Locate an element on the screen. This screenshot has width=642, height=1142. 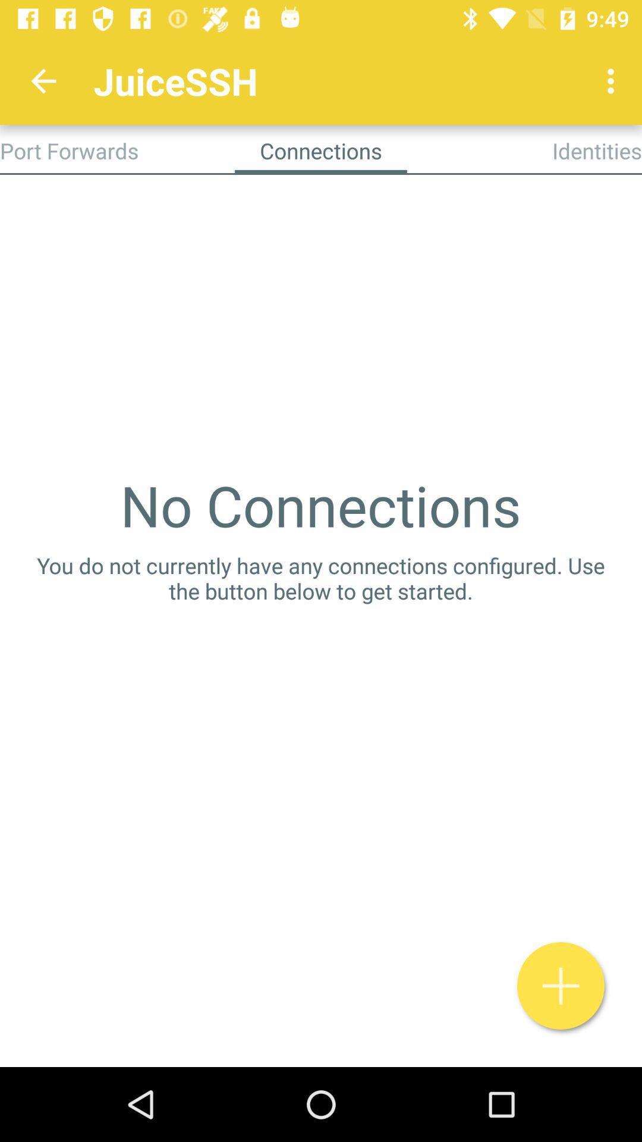
the item above identities is located at coordinates (613, 80).